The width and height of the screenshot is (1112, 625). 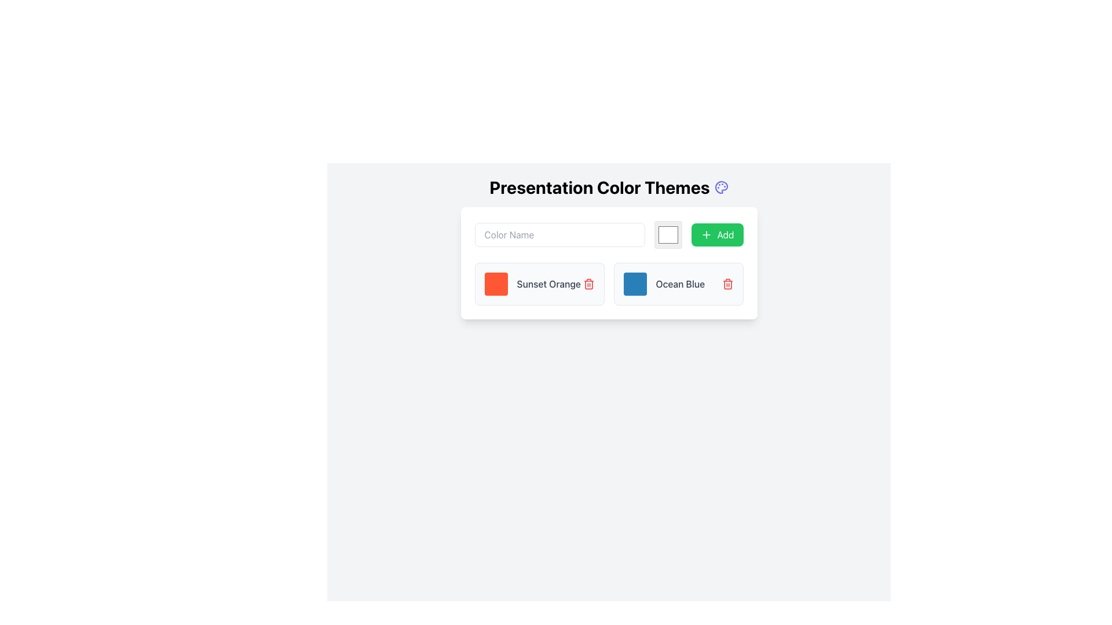 What do you see at coordinates (720, 187) in the screenshot?
I see `the decorative icon in the top-right corner of the 'Presentation Color Themes' header section, which visually represents the section's theme of colors or design palettes` at bounding box center [720, 187].